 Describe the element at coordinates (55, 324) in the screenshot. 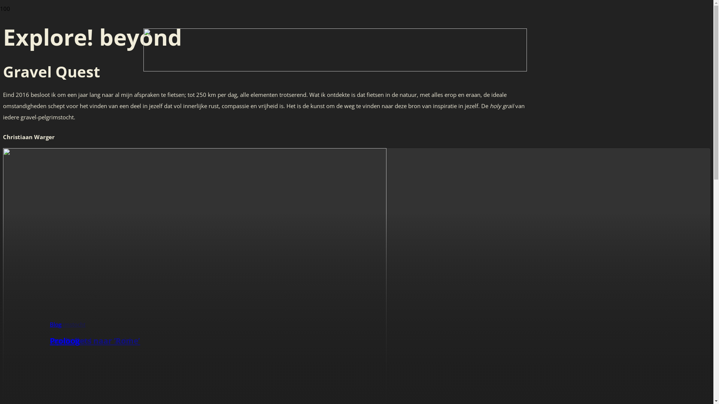

I see `'Blog'` at that location.